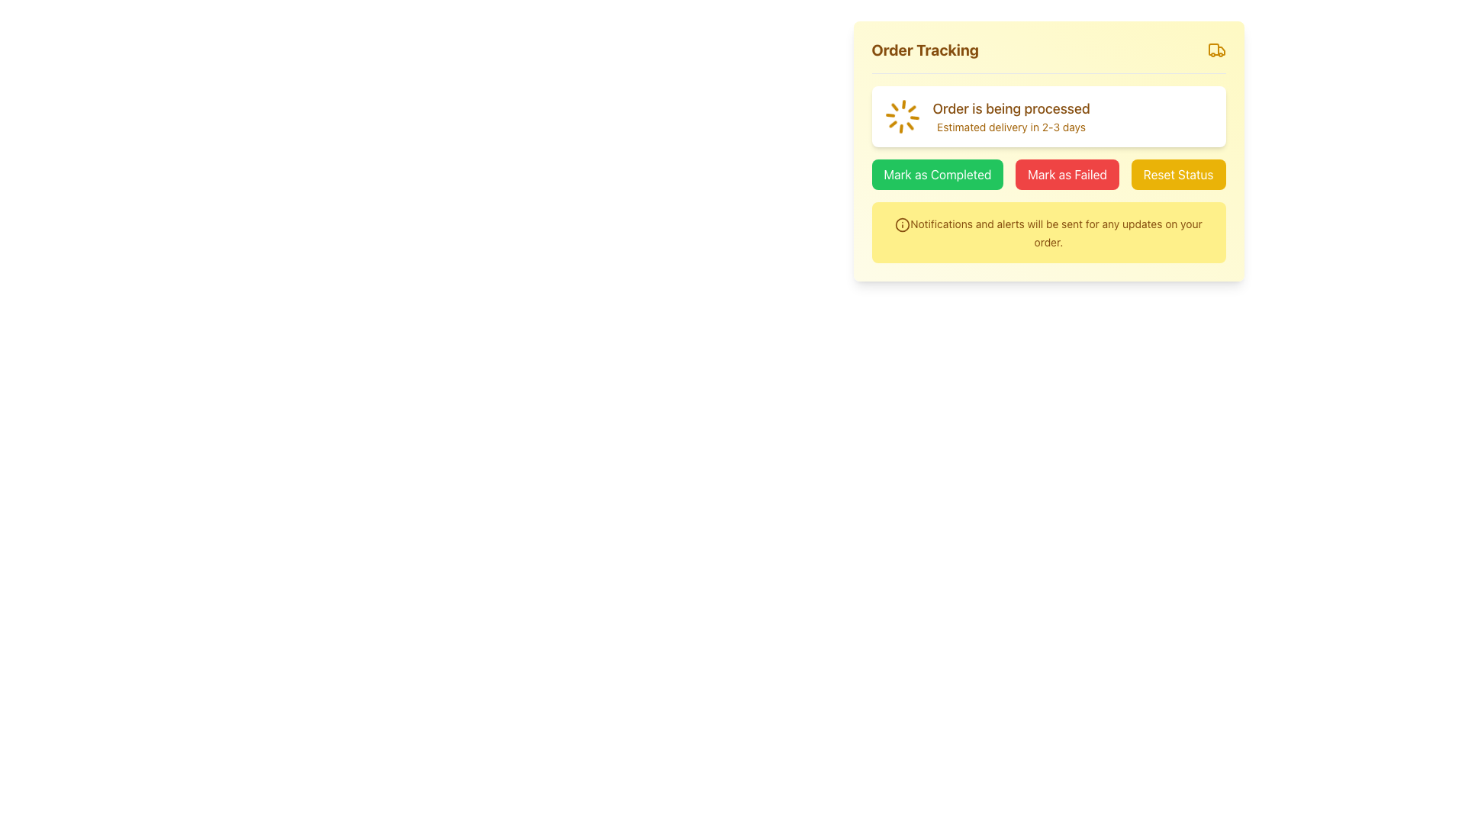 This screenshot has height=824, width=1465. What do you see at coordinates (903, 224) in the screenshot?
I see `the informational alert icon located at the beginning of the notification text` at bounding box center [903, 224].